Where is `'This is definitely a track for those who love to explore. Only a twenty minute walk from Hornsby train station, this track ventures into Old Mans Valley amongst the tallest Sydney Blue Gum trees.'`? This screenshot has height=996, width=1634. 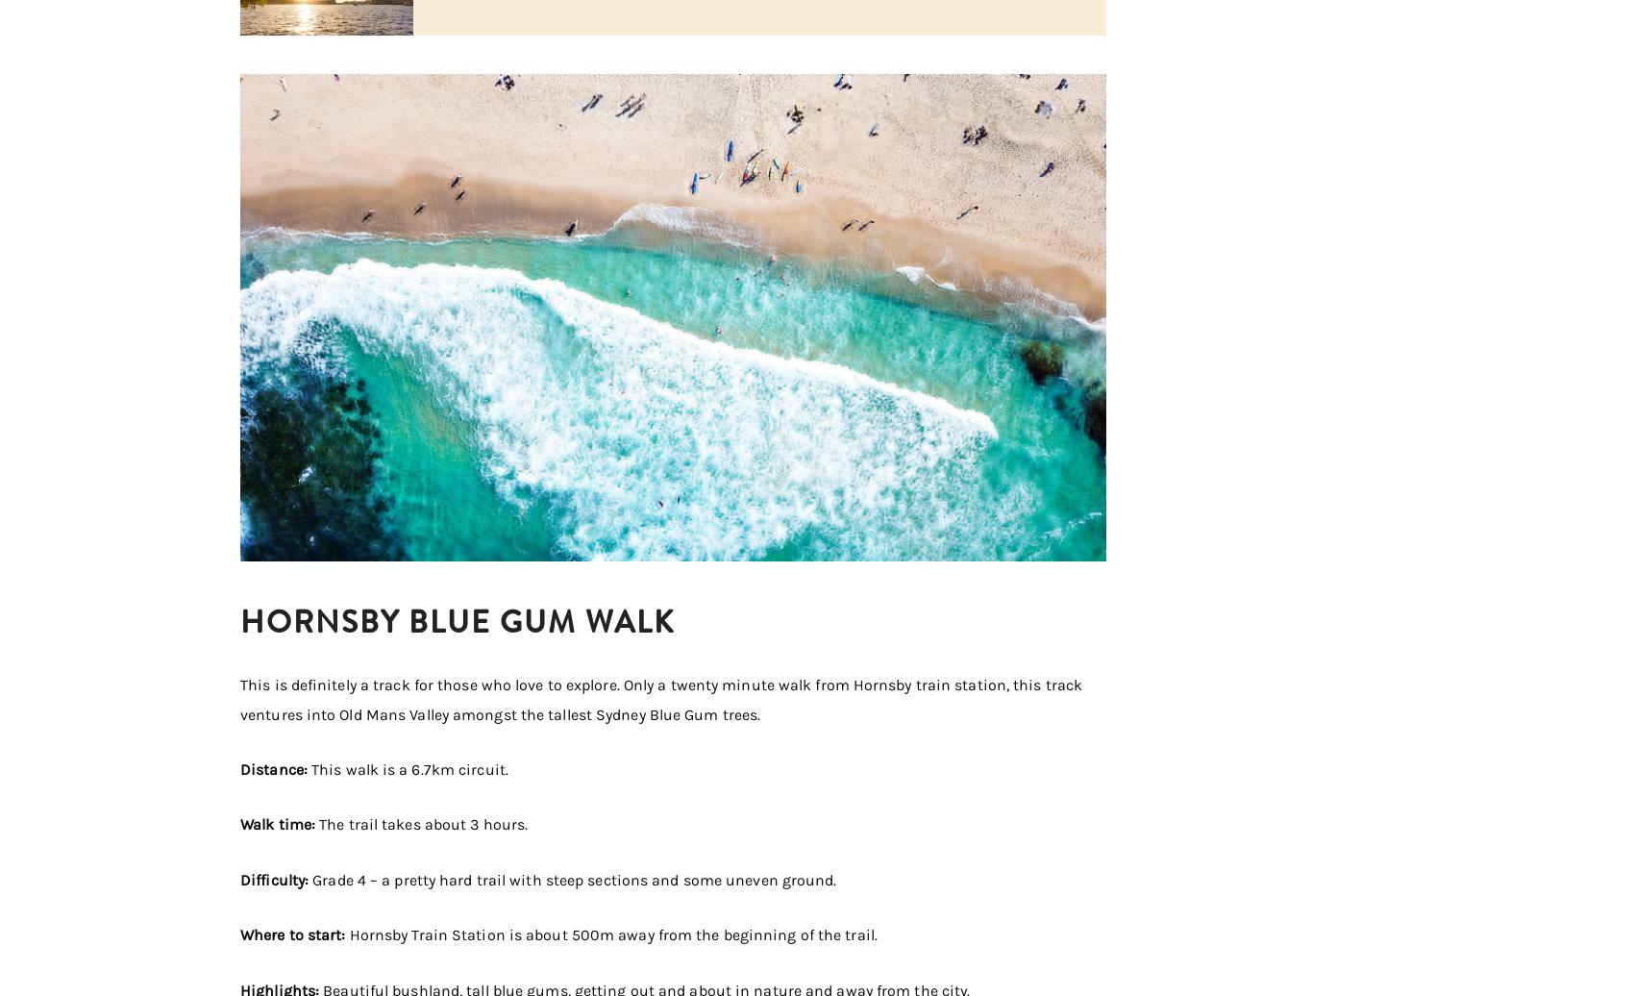 'This is definitely a track for those who love to explore. Only a twenty minute walk from Hornsby train station, this track ventures into Old Mans Valley amongst the tallest Sydney Blue Gum trees.' is located at coordinates (660, 699).